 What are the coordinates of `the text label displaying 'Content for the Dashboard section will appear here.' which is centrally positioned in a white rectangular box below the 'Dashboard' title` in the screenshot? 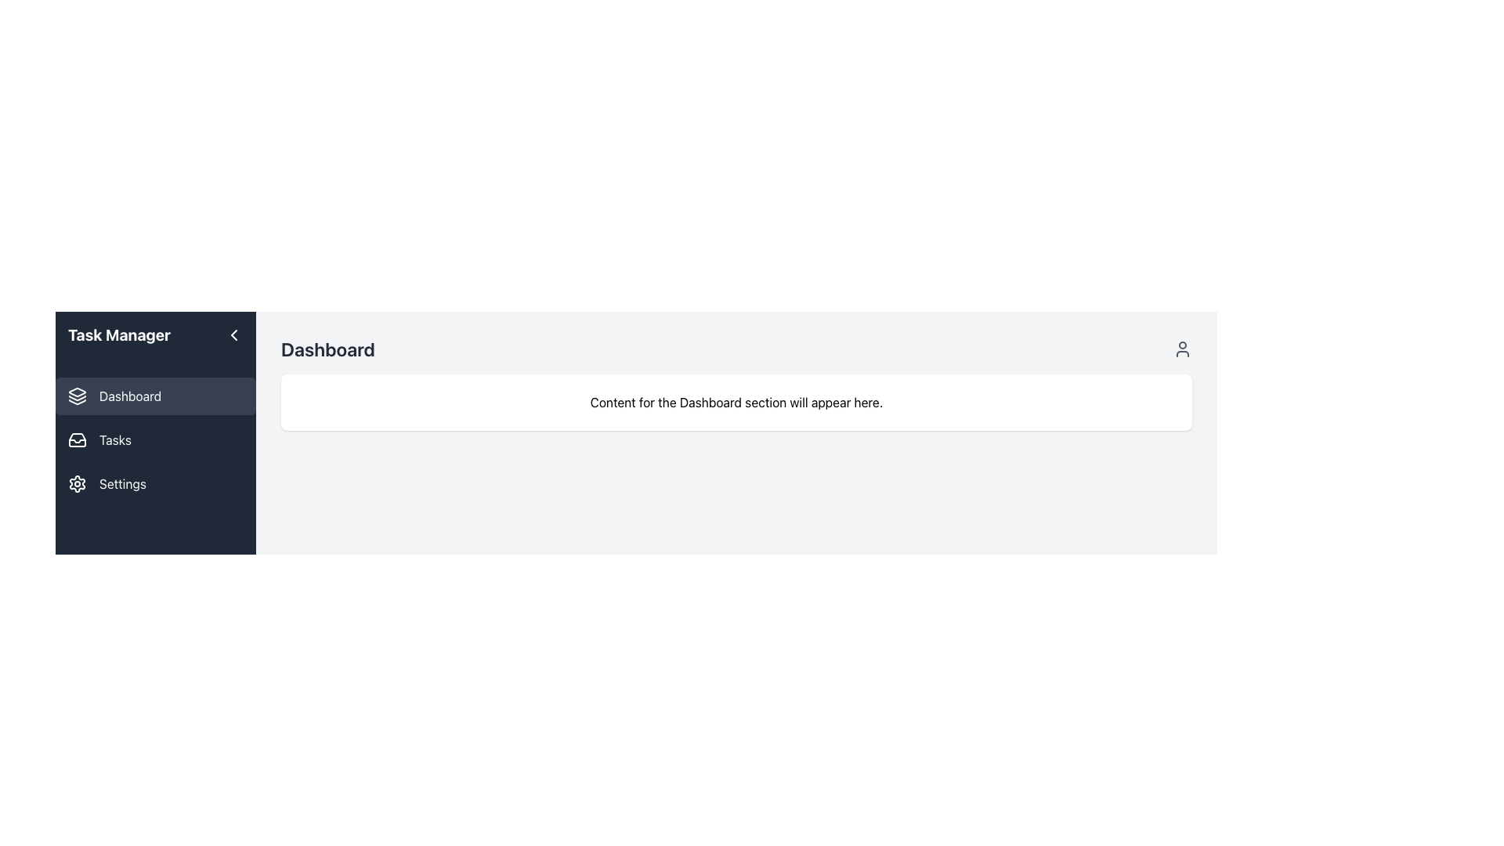 It's located at (736, 401).